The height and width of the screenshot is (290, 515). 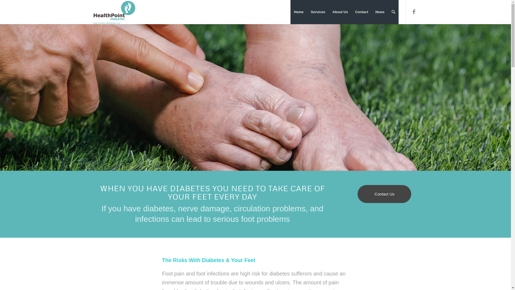 I want to click on 'Contact Us', so click(x=384, y=194).